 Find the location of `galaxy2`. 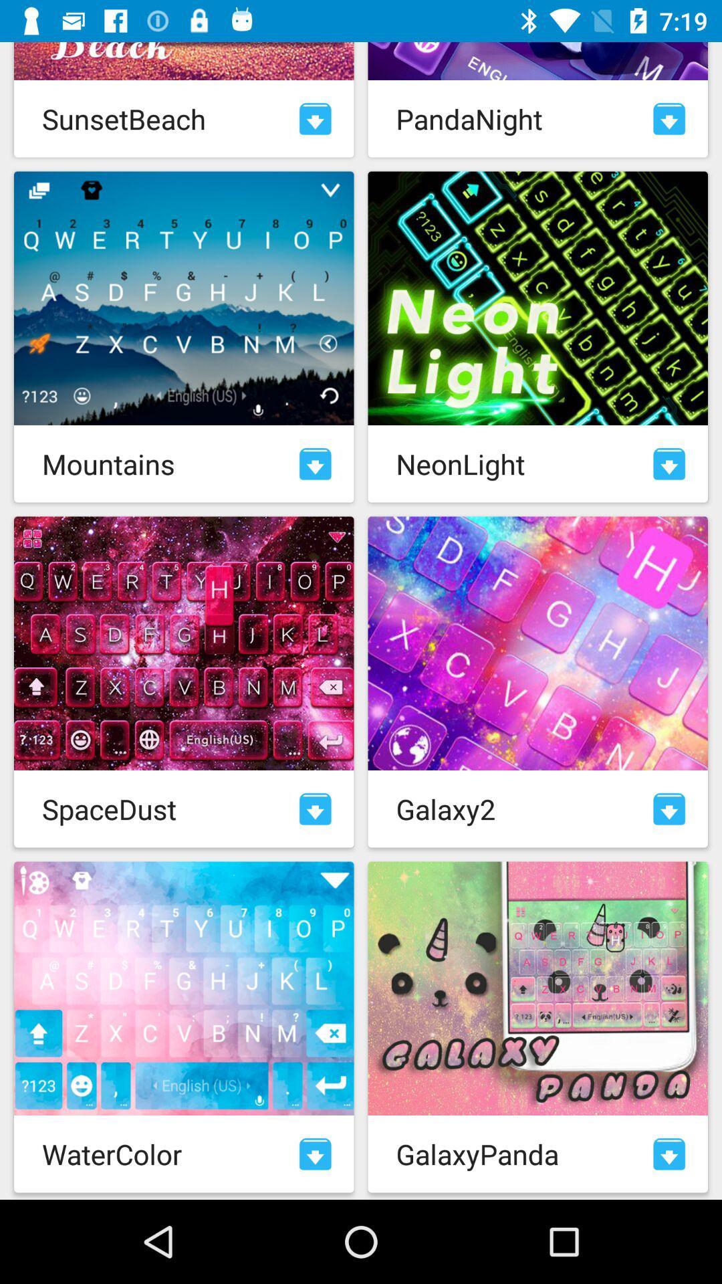

galaxy2 is located at coordinates (669, 808).